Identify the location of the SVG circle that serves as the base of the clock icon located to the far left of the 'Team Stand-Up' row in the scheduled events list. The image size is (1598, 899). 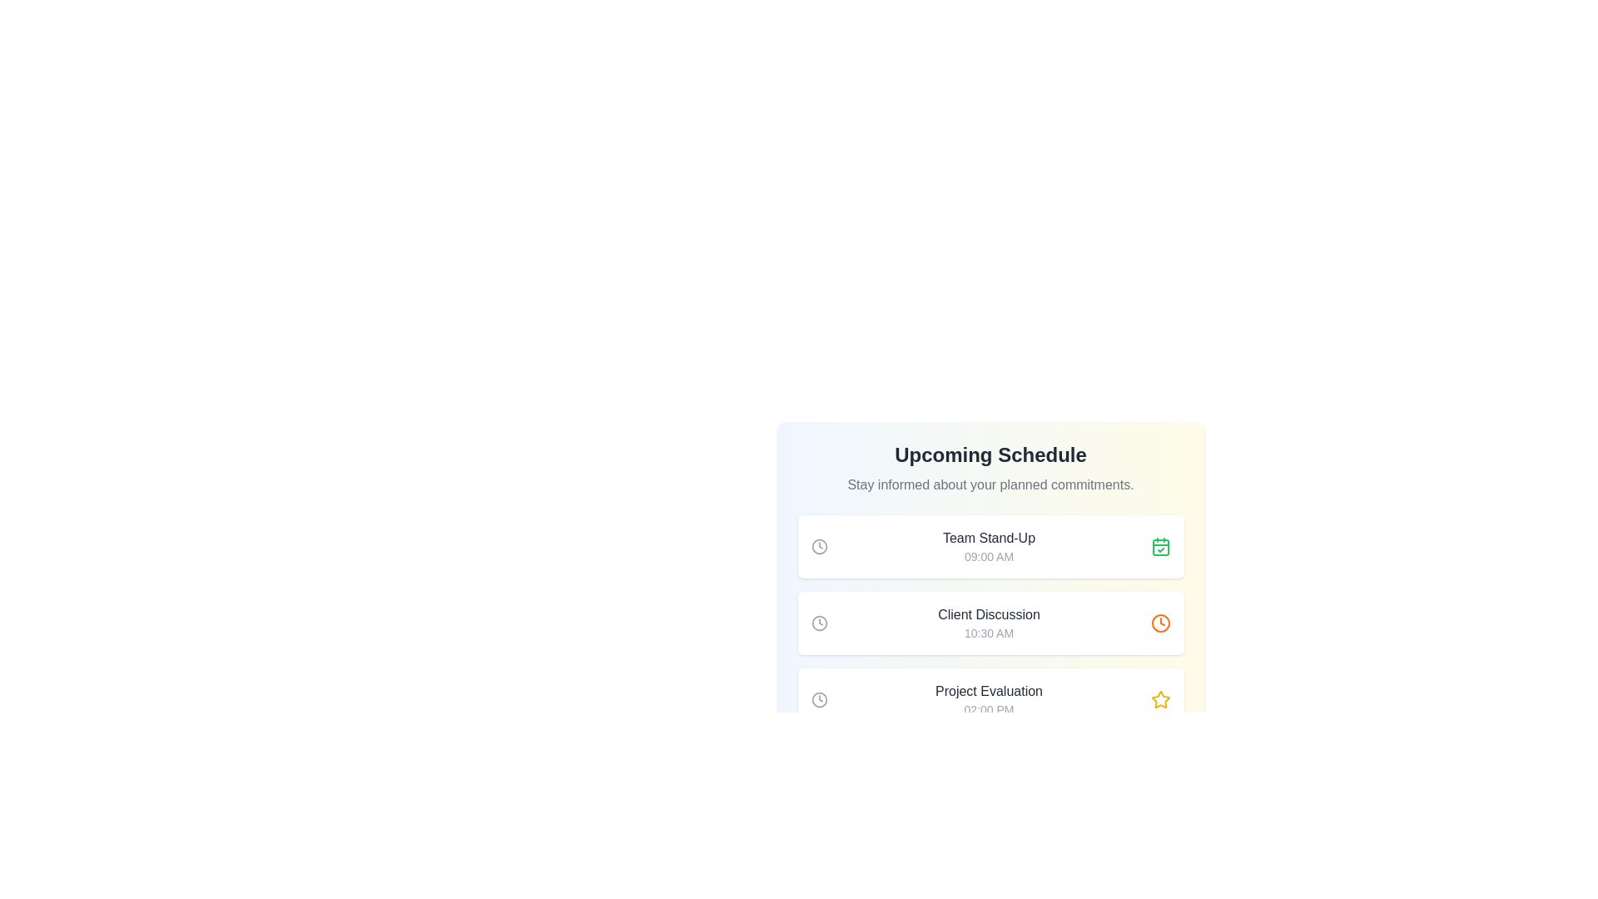
(819, 546).